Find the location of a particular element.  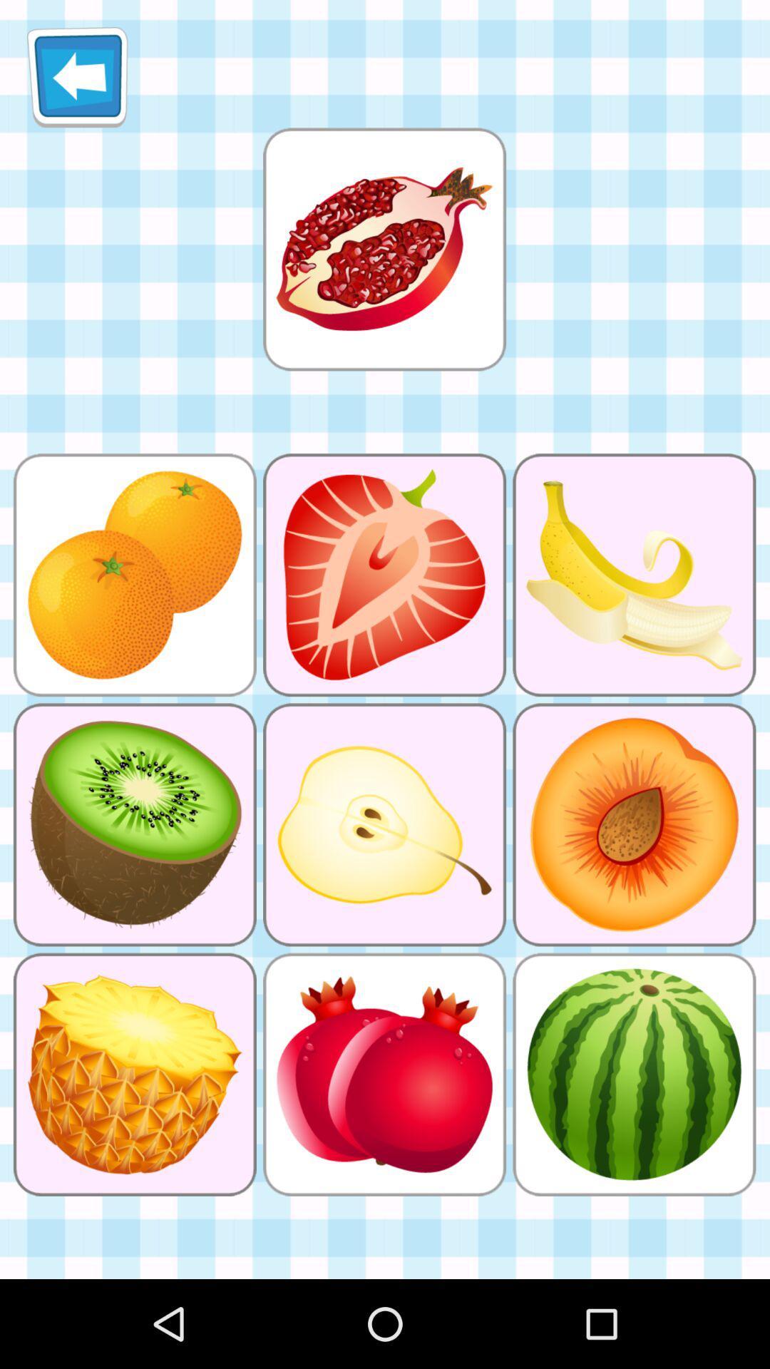

go back is located at coordinates (77, 76).